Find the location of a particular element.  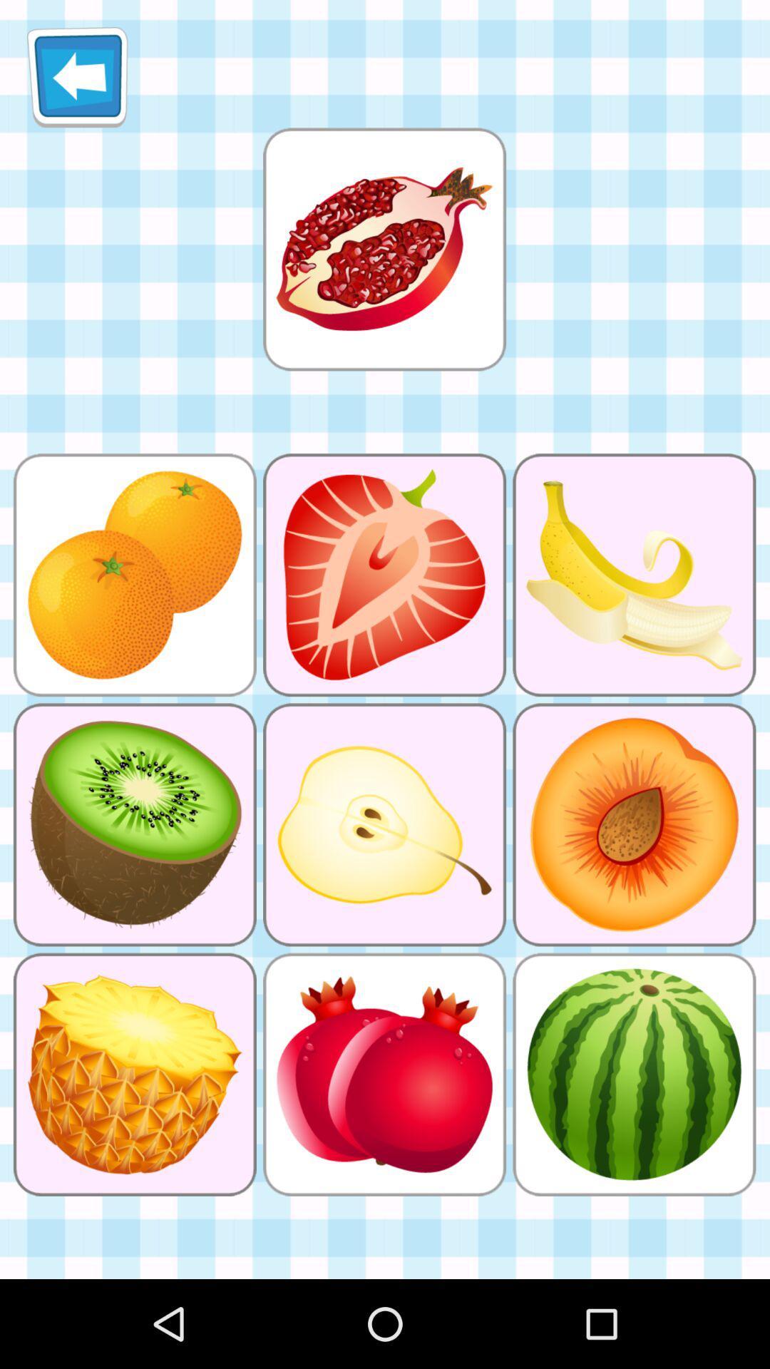

go back is located at coordinates (77, 76).